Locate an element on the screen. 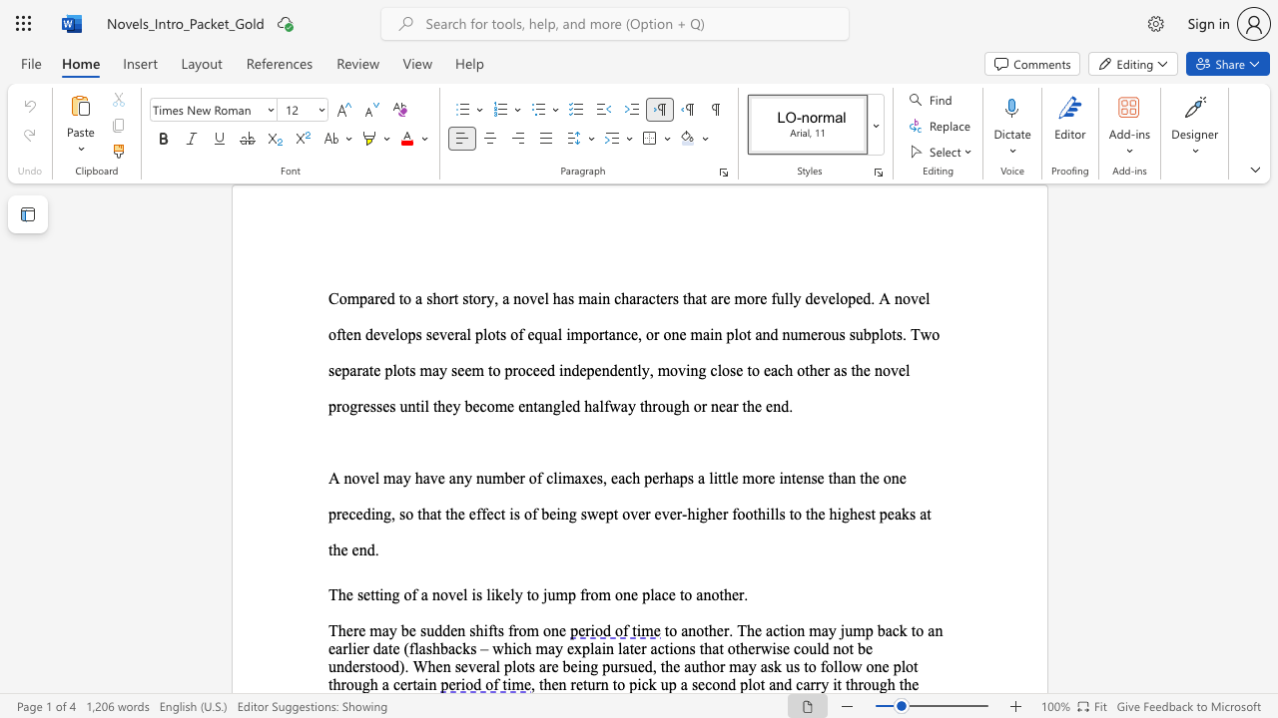 The height and width of the screenshot is (718, 1278). the subset text "(flashbacks – which may explain later actions that oth" within the text "to another. The action may jump back to an earlier date (flashbacks – which may explain later actions that otherwise could not be understood). When several plots are being pursued, the author may ask us to follow one plot through a certain" is located at coordinates (402, 648).